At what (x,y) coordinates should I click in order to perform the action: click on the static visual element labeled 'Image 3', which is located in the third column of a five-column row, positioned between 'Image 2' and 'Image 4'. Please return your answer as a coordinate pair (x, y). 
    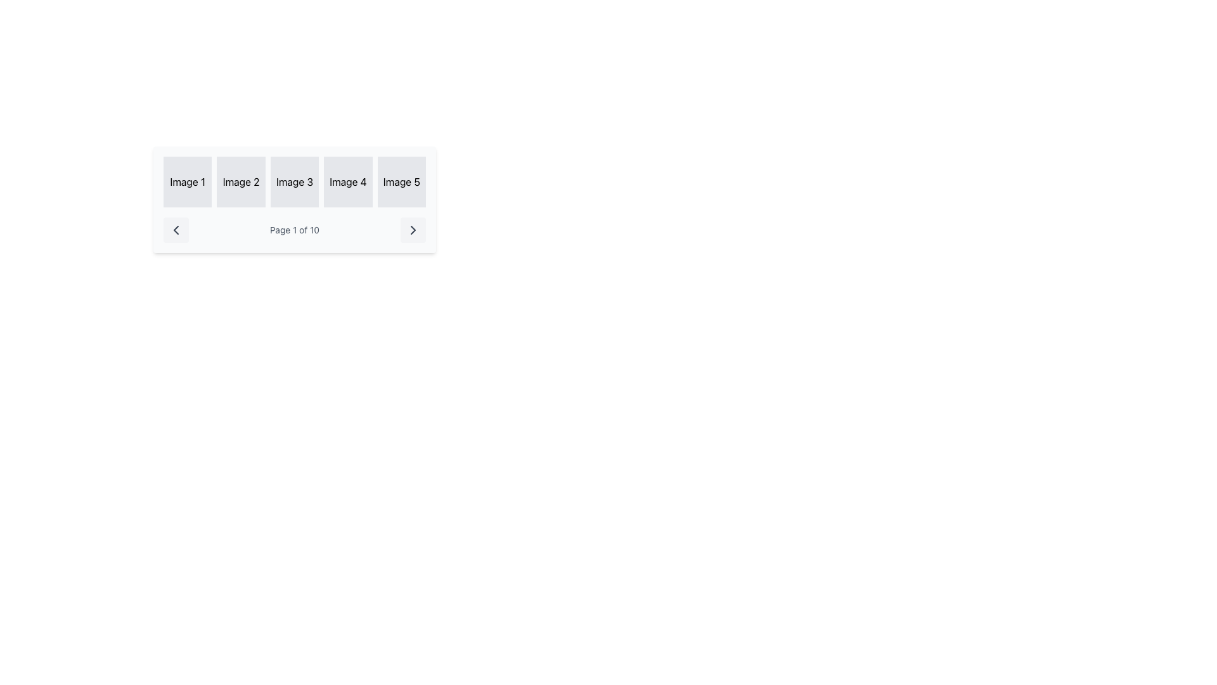
    Looking at the image, I should click on (294, 181).